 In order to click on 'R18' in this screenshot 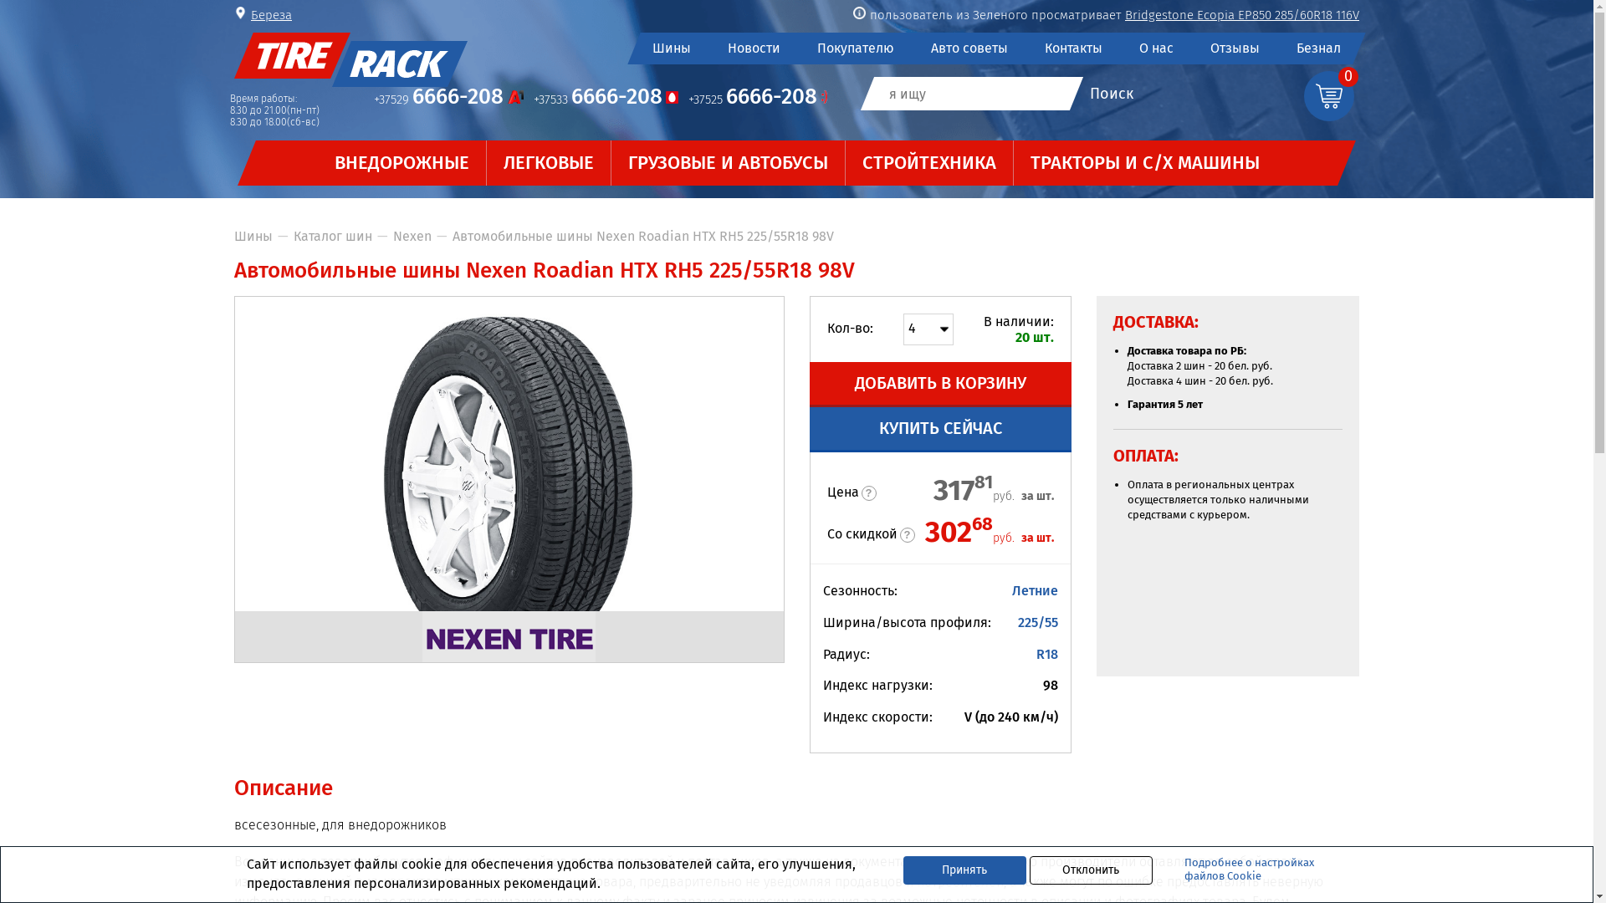, I will do `click(1046, 653)`.